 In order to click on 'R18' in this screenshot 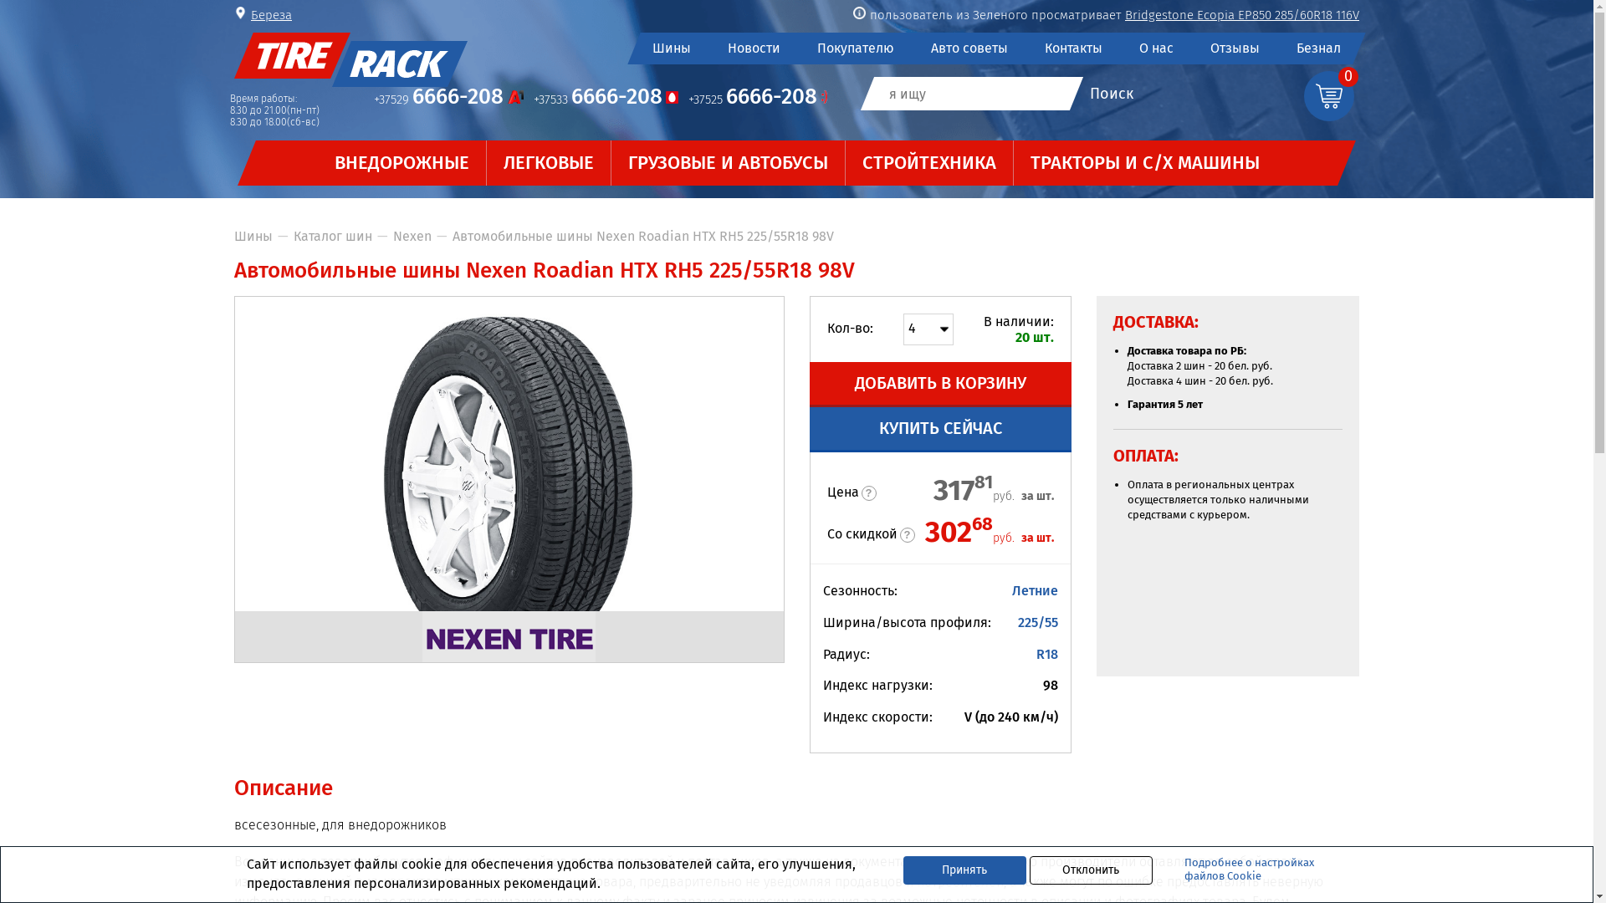, I will do `click(1046, 653)`.